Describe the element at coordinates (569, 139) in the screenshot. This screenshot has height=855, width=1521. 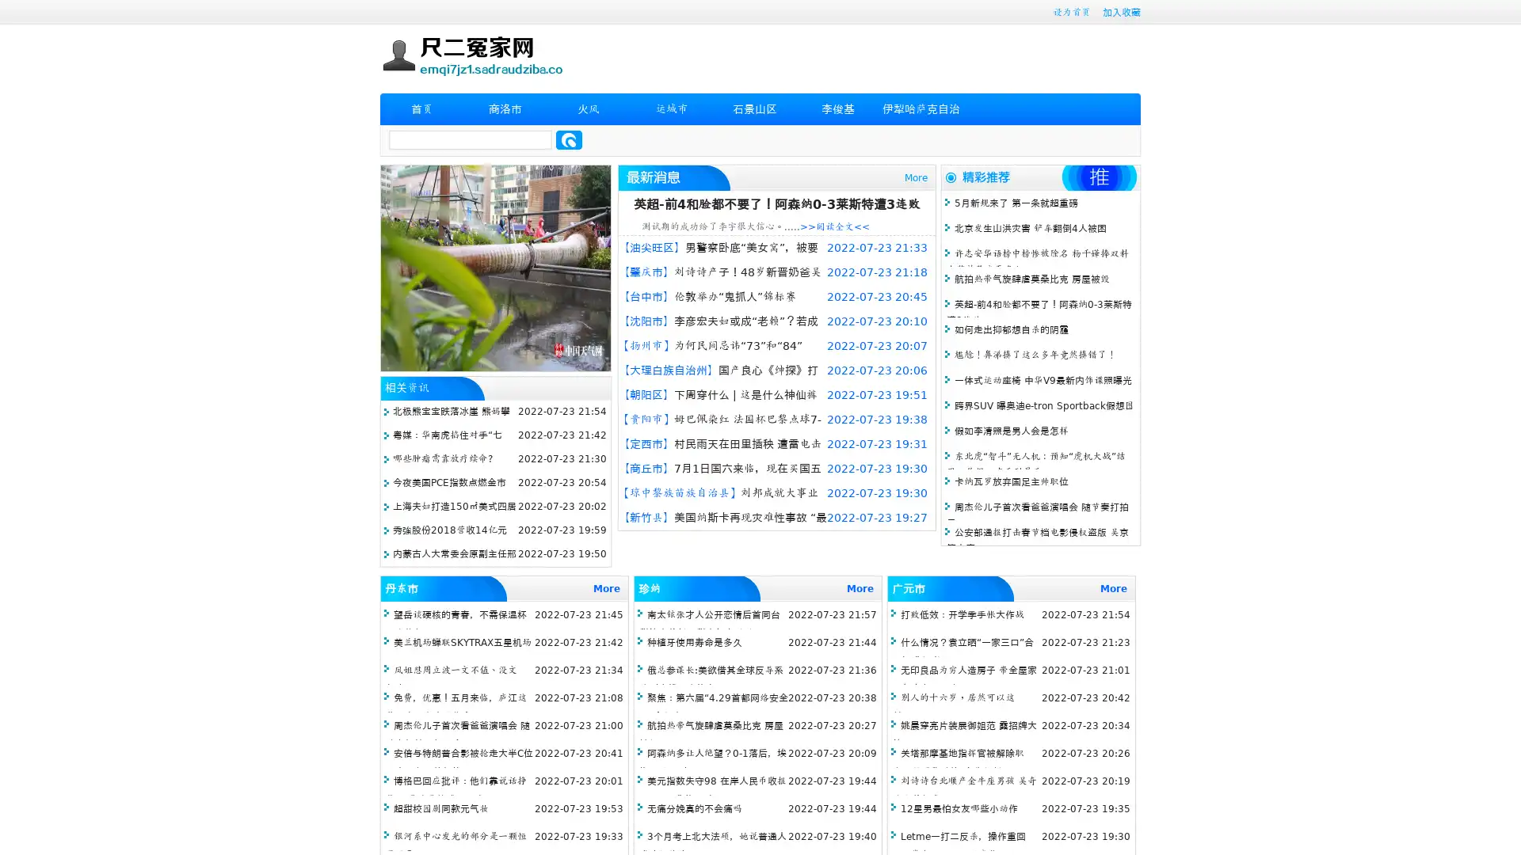
I see `Search` at that location.